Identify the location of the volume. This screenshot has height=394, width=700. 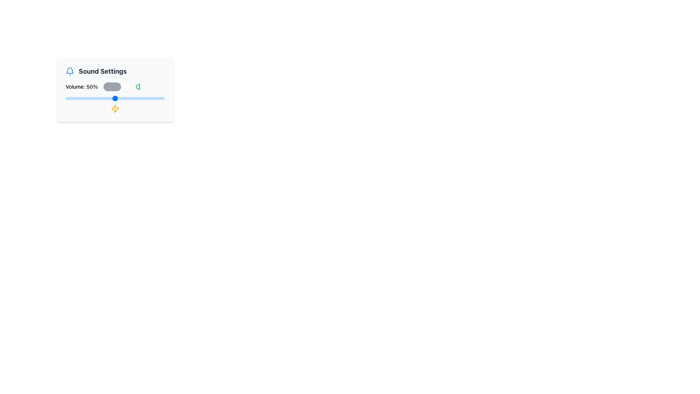
(81, 98).